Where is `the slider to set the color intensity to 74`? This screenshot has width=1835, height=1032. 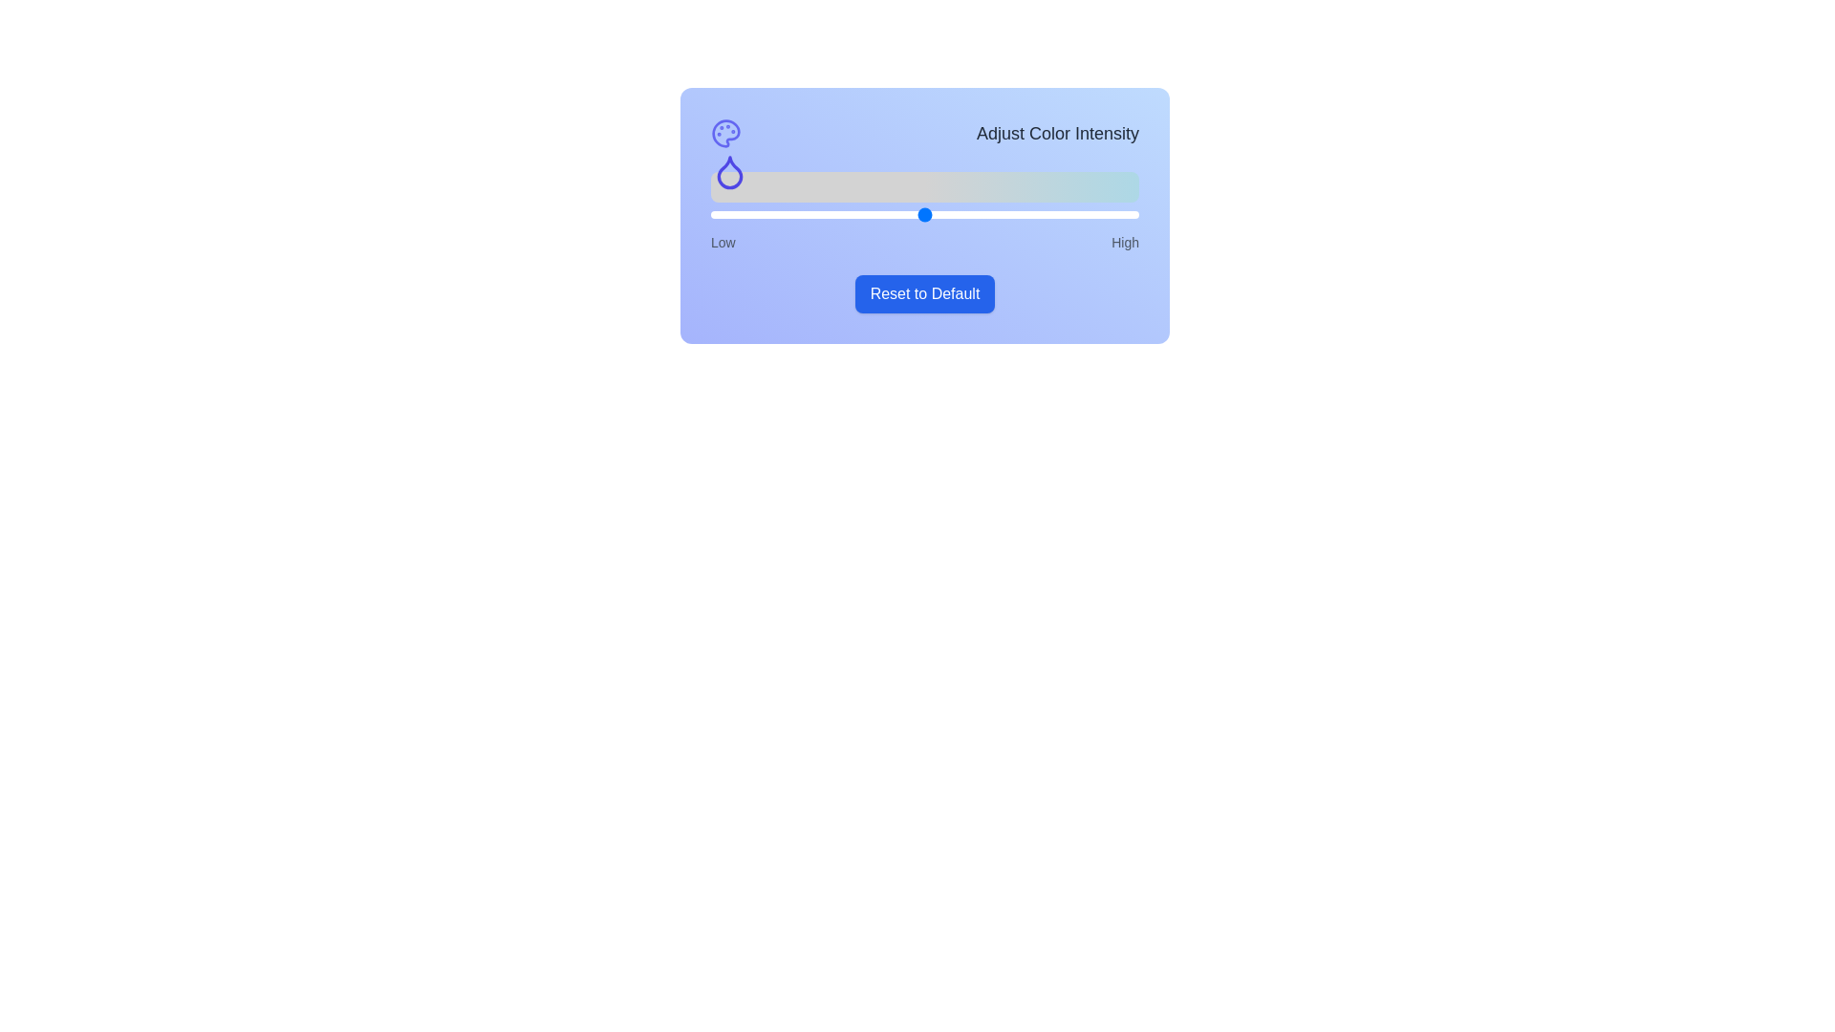
the slider to set the color intensity to 74 is located at coordinates (1026, 214).